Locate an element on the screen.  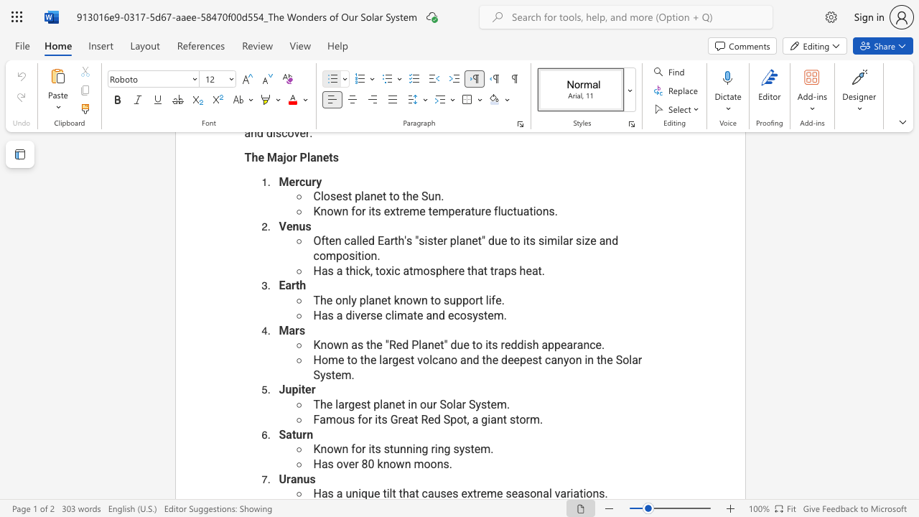
the 1th character "h" in the text is located at coordinates (322, 404).